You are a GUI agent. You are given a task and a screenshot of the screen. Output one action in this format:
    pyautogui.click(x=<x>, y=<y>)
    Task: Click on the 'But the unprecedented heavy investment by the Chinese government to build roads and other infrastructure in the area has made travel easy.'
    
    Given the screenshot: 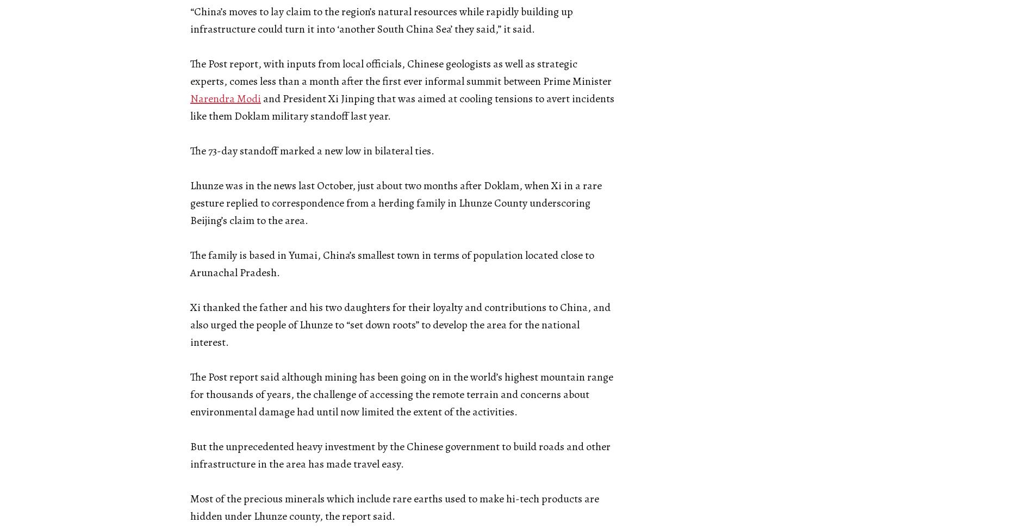 What is the action you would take?
    pyautogui.click(x=189, y=455)
    